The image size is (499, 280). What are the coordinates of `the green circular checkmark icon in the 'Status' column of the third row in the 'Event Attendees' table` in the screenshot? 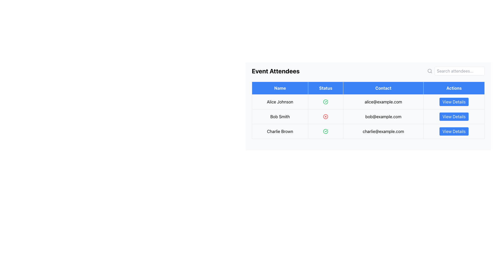 It's located at (325, 131).